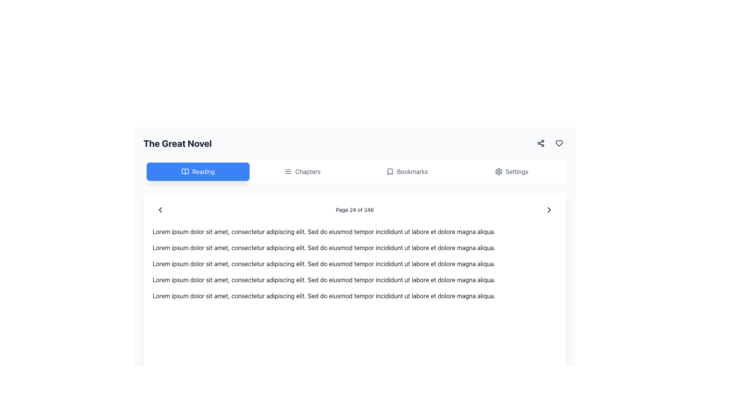  What do you see at coordinates (412, 171) in the screenshot?
I see `the 'Bookmarks' text label located in the central horizontal menu bar near the top of the interface, to the right of the bookmark icon` at bounding box center [412, 171].